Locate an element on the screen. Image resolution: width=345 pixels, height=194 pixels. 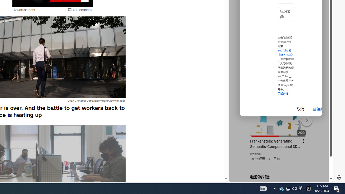
'YouTube' is located at coordinates (279, 116).